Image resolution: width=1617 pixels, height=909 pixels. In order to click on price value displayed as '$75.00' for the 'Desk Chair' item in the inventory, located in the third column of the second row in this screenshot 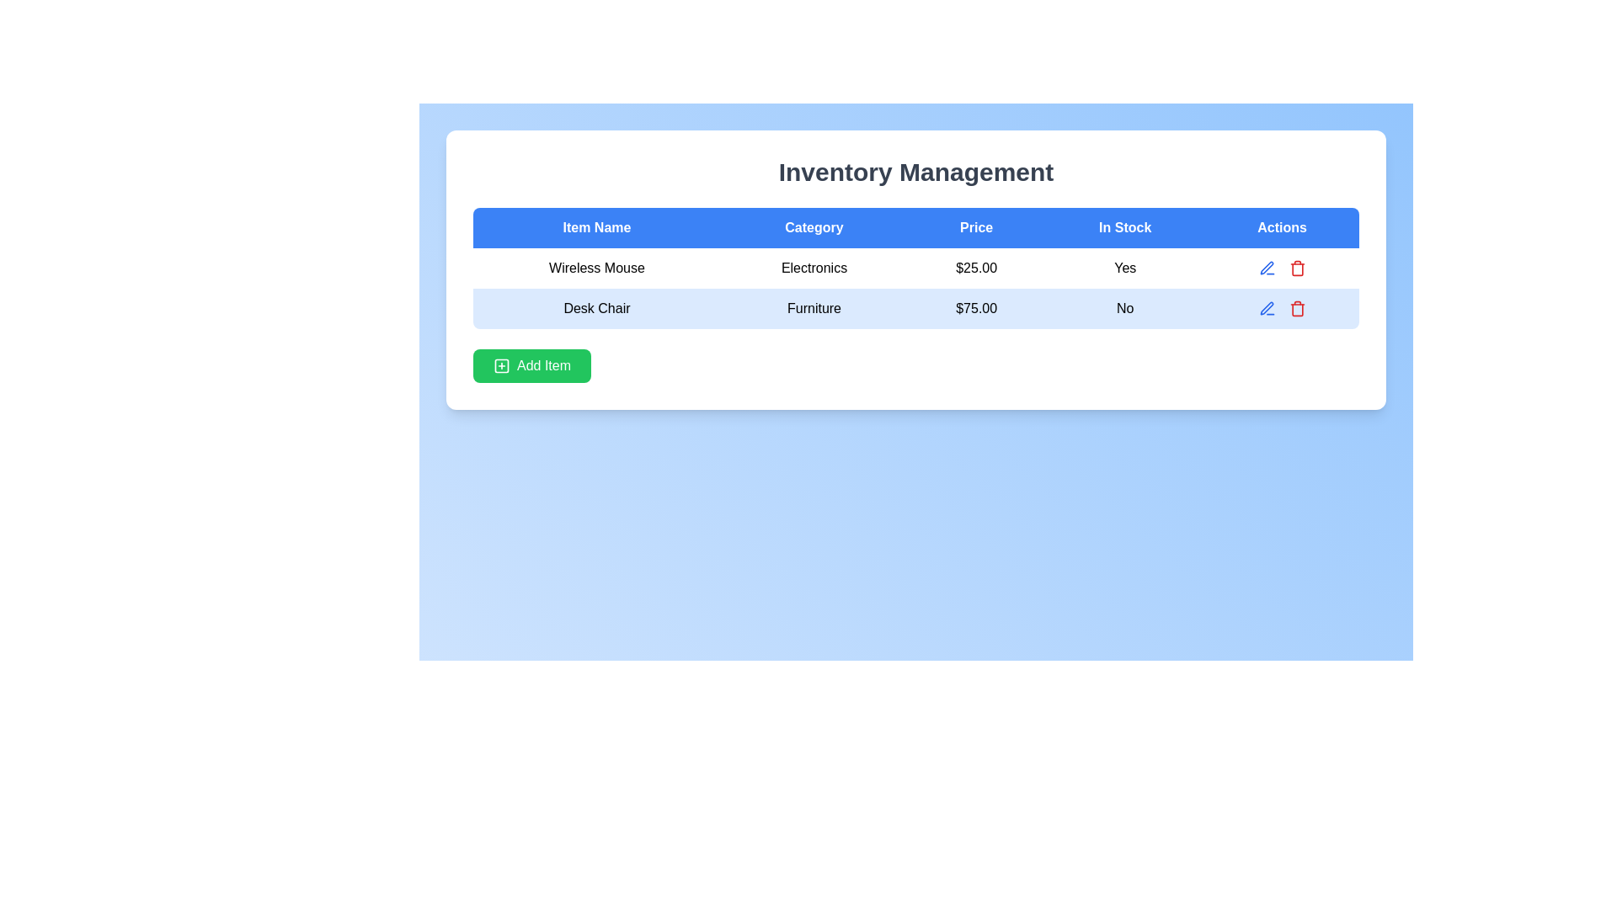, I will do `click(976, 308)`.